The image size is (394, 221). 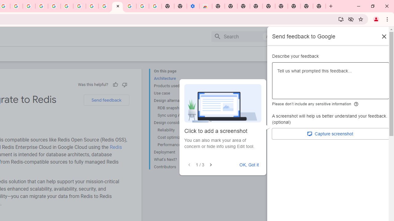 What do you see at coordinates (211, 165) in the screenshot?
I see `'Next'` at bounding box center [211, 165].